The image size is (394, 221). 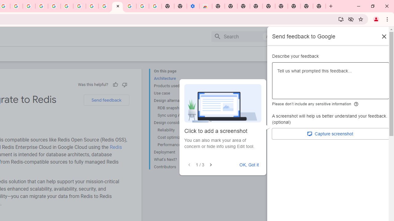 What do you see at coordinates (211, 165) in the screenshot?
I see `'Next'` at bounding box center [211, 165].